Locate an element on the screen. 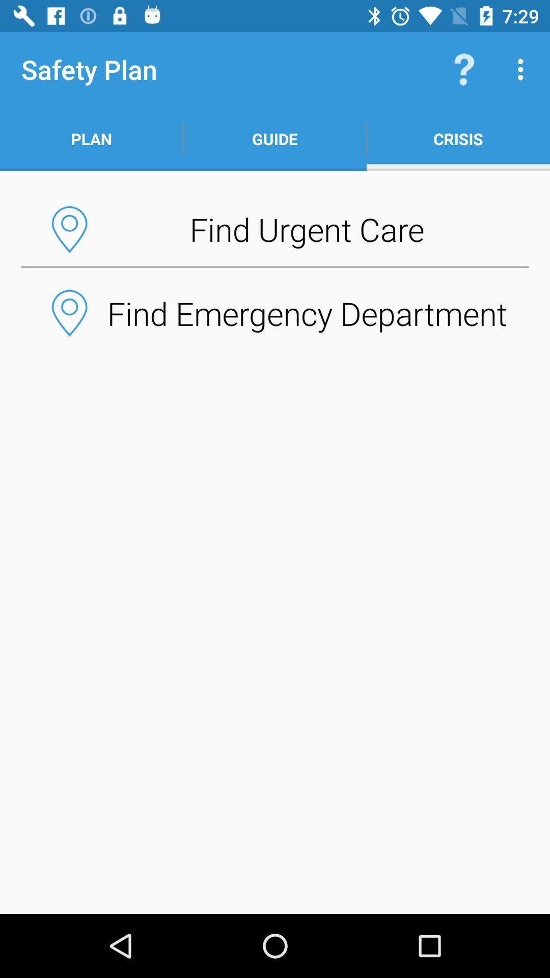 This screenshot has width=550, height=978. guide is located at coordinates (275, 139).